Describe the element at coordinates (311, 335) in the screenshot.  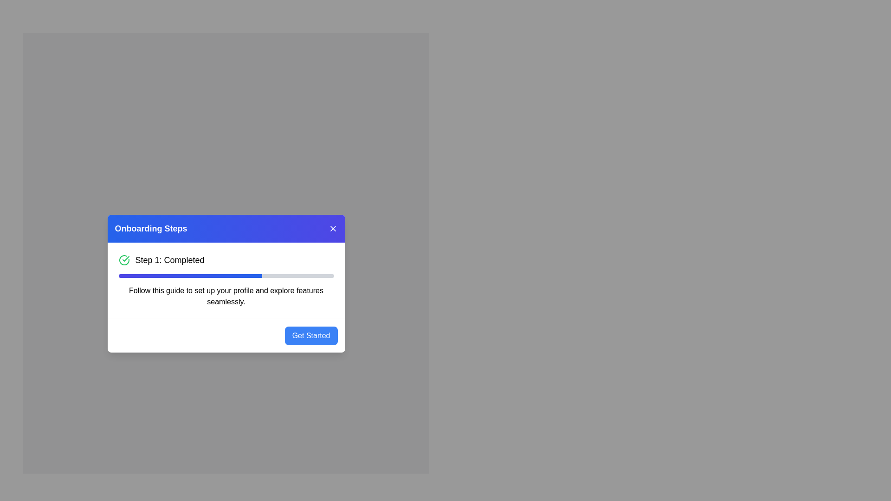
I see `the 'Get Started' button located at the bottom-right of the 'Onboarding Steps' modal dialog to initiate the action` at that location.